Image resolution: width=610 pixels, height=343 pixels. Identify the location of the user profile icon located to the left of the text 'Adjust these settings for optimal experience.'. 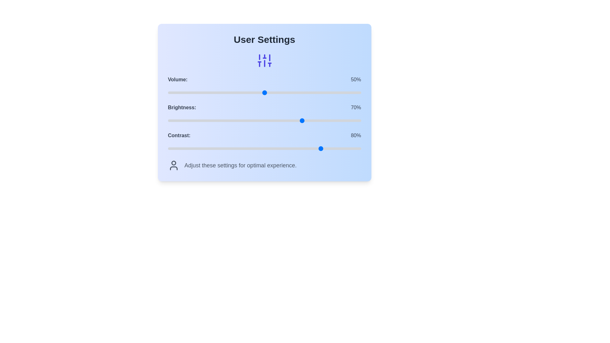
(173, 165).